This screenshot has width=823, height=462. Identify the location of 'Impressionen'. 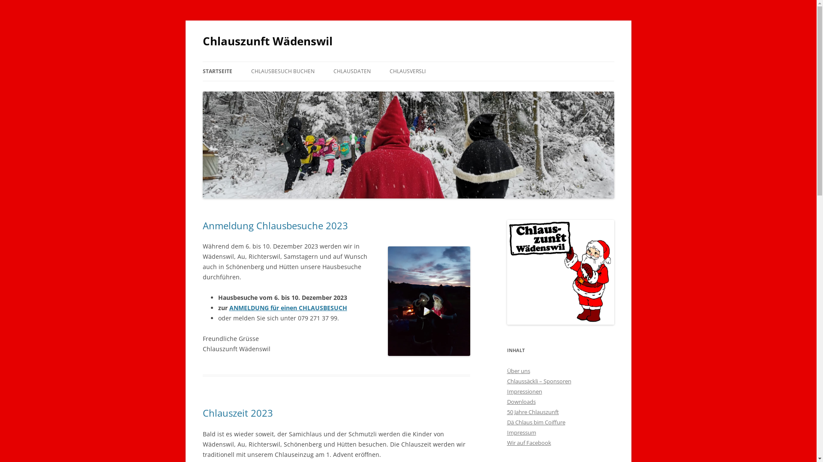
(524, 391).